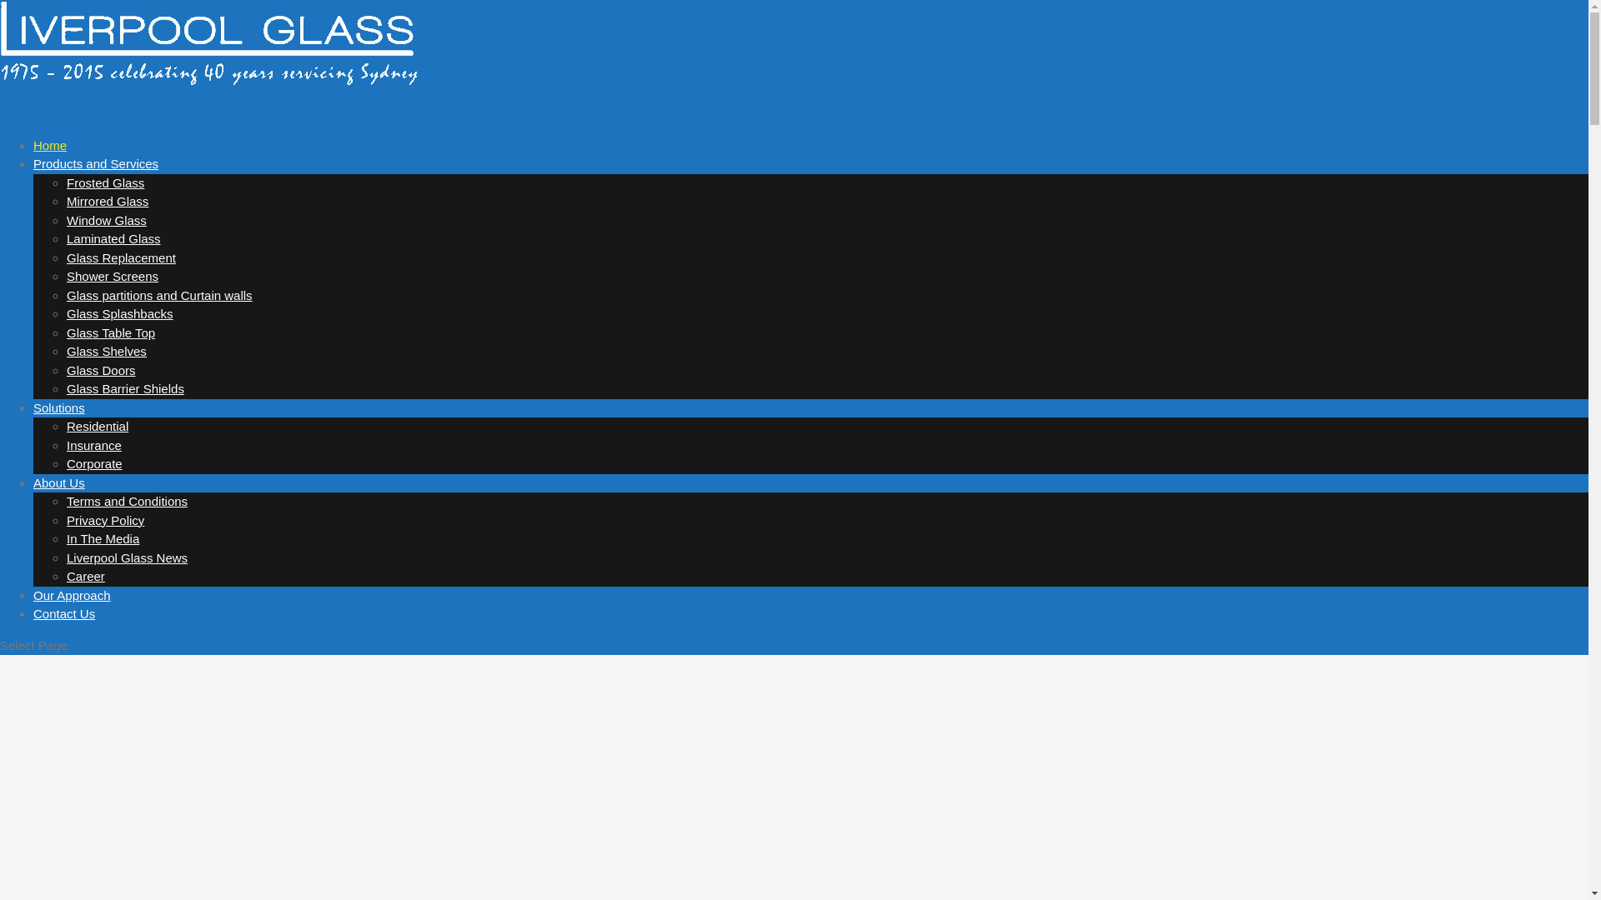 Image resolution: width=1601 pixels, height=900 pixels. What do you see at coordinates (96, 425) in the screenshot?
I see `'Residential'` at bounding box center [96, 425].